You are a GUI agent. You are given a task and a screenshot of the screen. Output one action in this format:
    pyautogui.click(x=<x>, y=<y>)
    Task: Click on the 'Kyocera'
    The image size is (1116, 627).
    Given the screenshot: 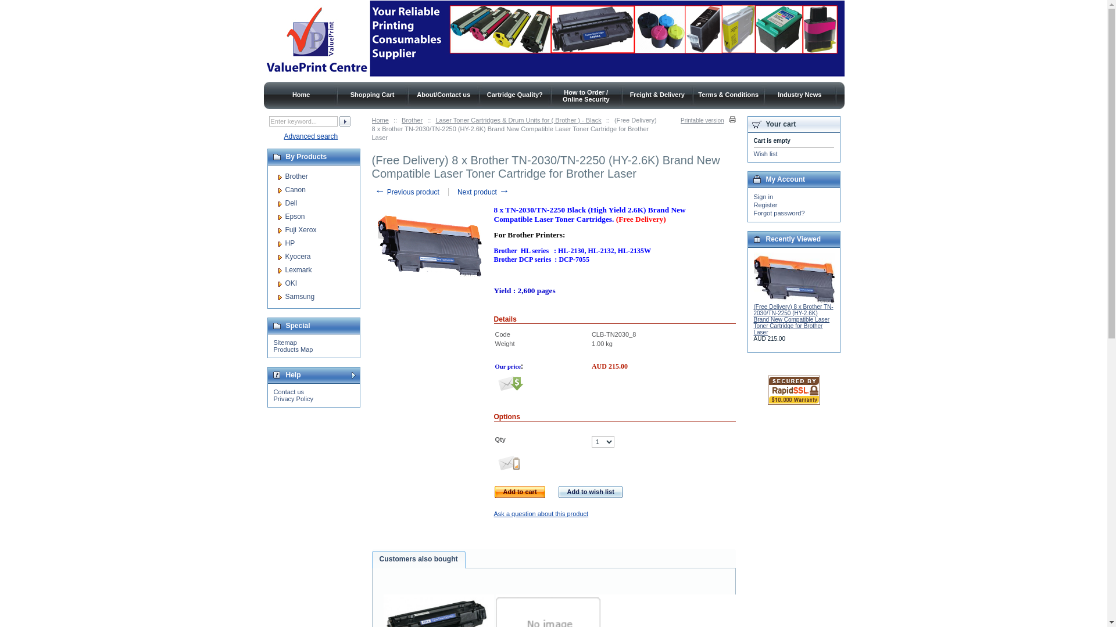 What is the action you would take?
    pyautogui.click(x=298, y=256)
    